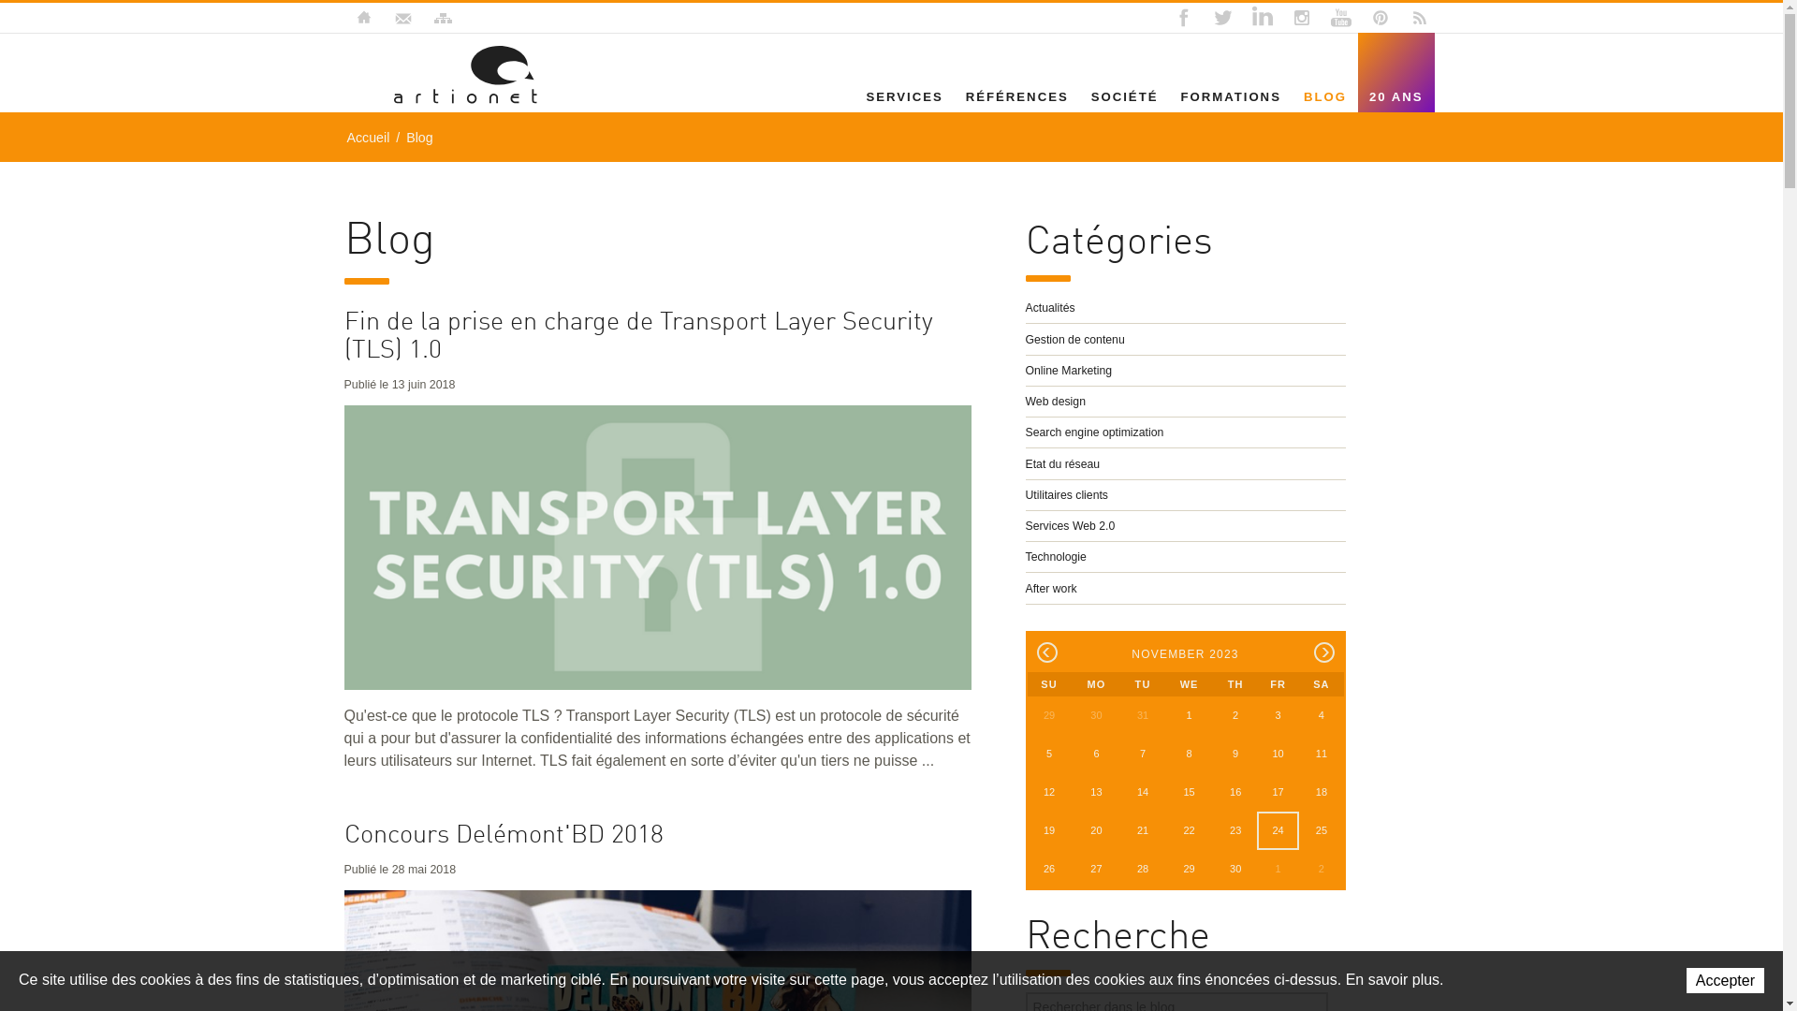  I want to click on 'Blog', so click(392, 74).